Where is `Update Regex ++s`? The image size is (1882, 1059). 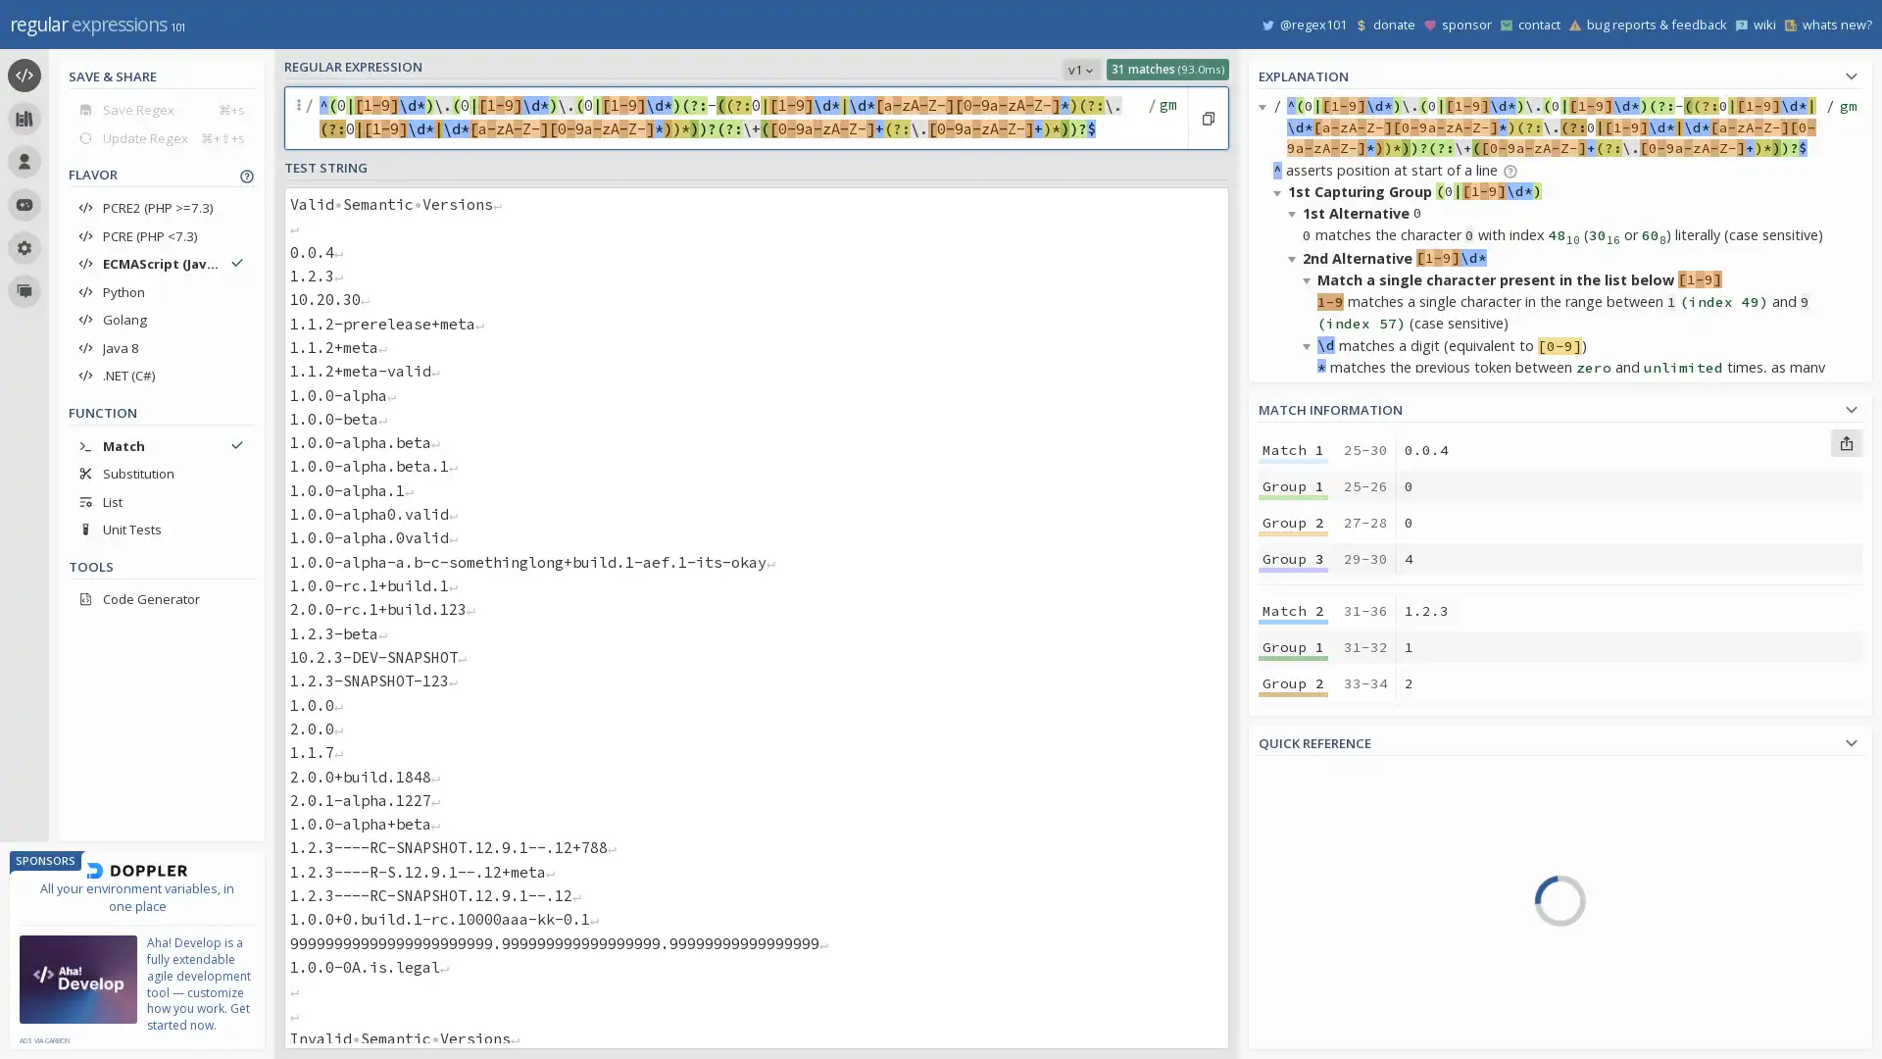
Update Regex ++s is located at coordinates (161, 136).